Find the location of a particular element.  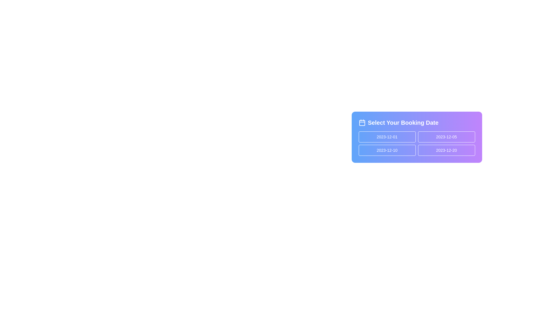

the date selection button for '2023-12-20' located in the bottom-right corner of the grid under the 'Select Your Booking Date' section is located at coordinates (446, 150).